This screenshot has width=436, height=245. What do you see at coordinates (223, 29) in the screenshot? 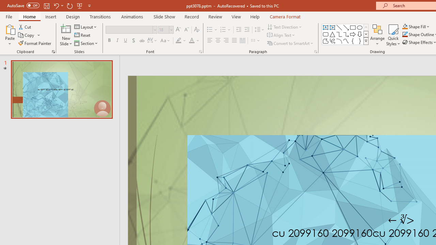
I see `'Numbering'` at bounding box center [223, 29].